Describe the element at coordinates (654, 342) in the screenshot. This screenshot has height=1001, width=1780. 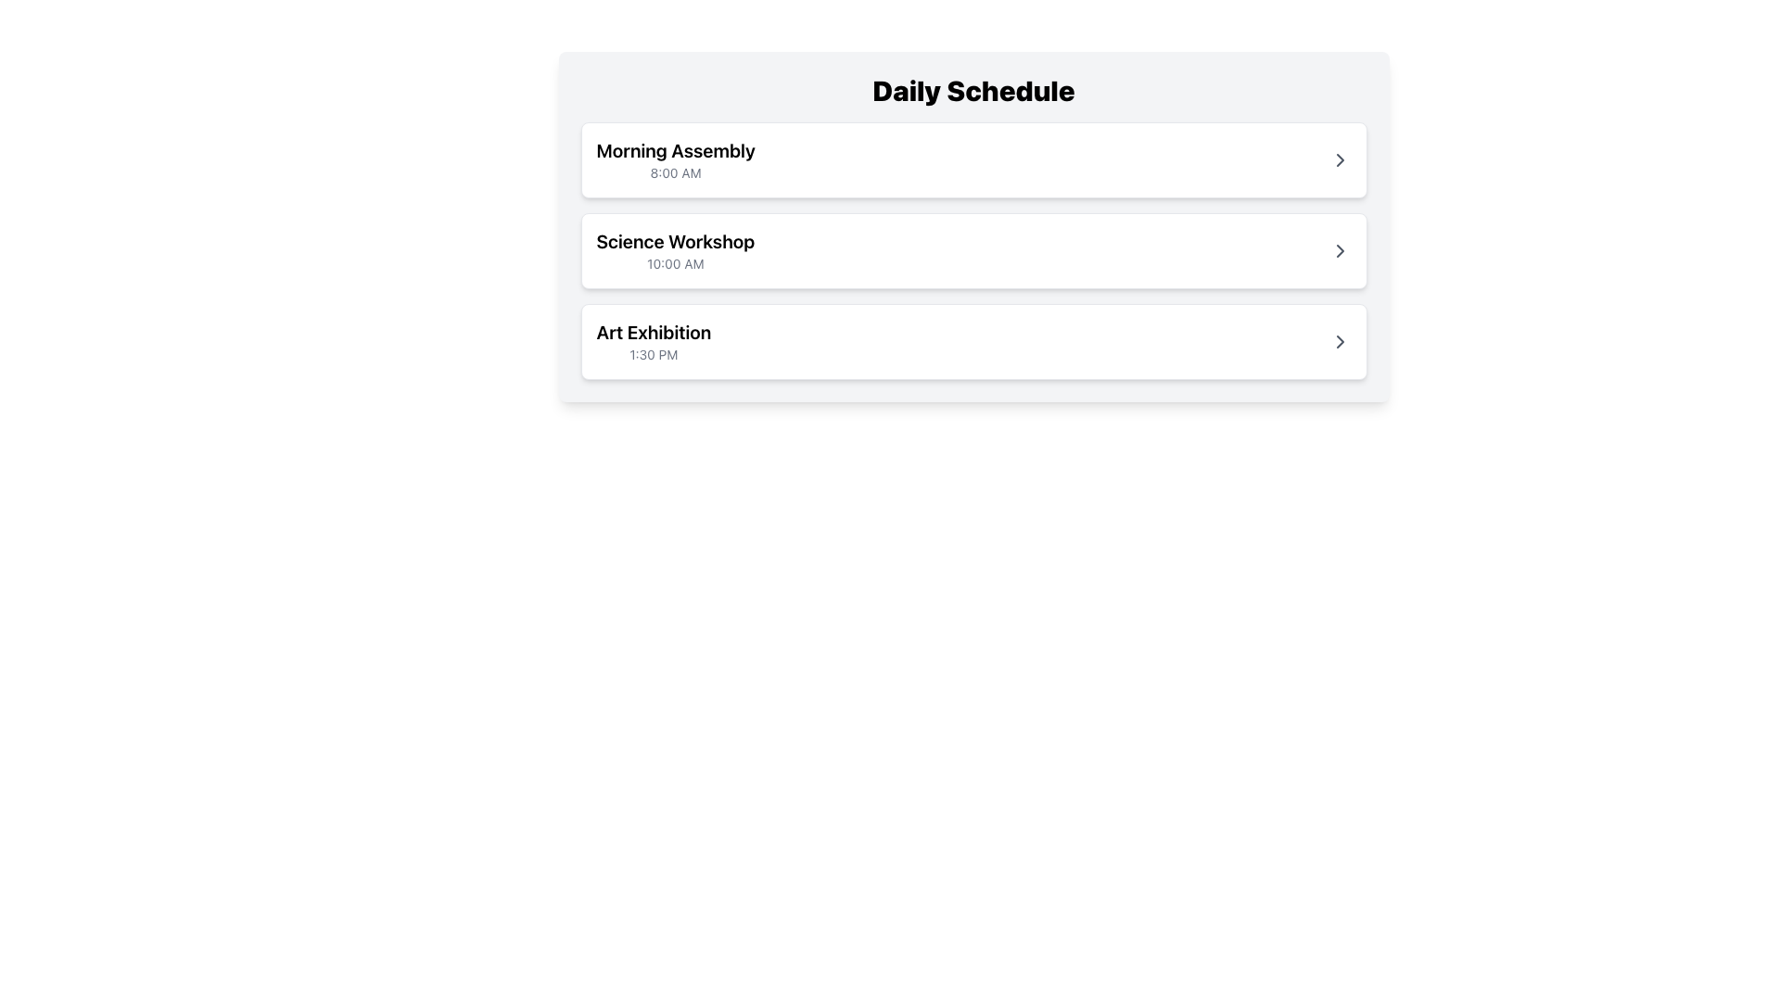
I see `the text block displaying event details for 'Art Exhibition' scheduled at '1:30 PM', which is part of the third entry in the 'Daily Schedule'` at that location.